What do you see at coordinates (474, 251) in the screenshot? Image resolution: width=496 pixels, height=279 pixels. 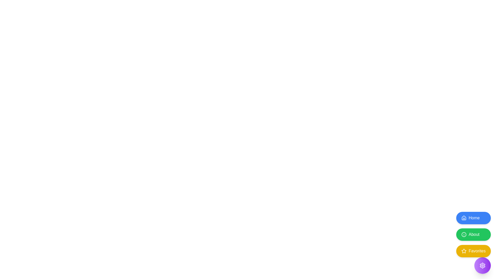 I see `the favorites button located in the bottom-right corner, which is the third button in a vertical stack, right below the 'About' button` at bounding box center [474, 251].